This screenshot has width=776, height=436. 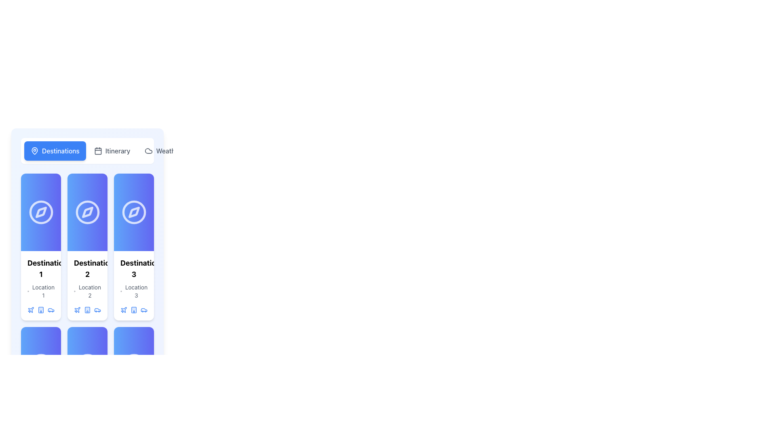 I want to click on the blue hotel building icon, which is the second icon in a horizontal row beneath the 'Destination 1, Location 1' card, so click(x=40, y=309).